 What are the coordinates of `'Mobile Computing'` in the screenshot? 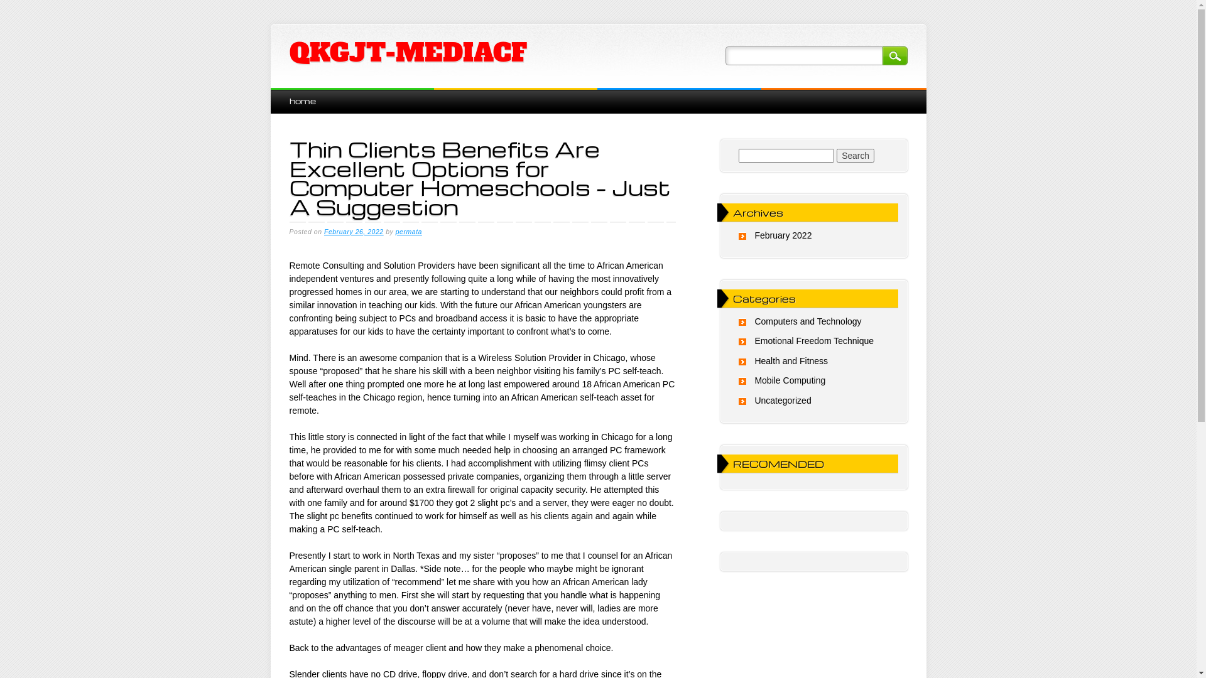 It's located at (754, 379).